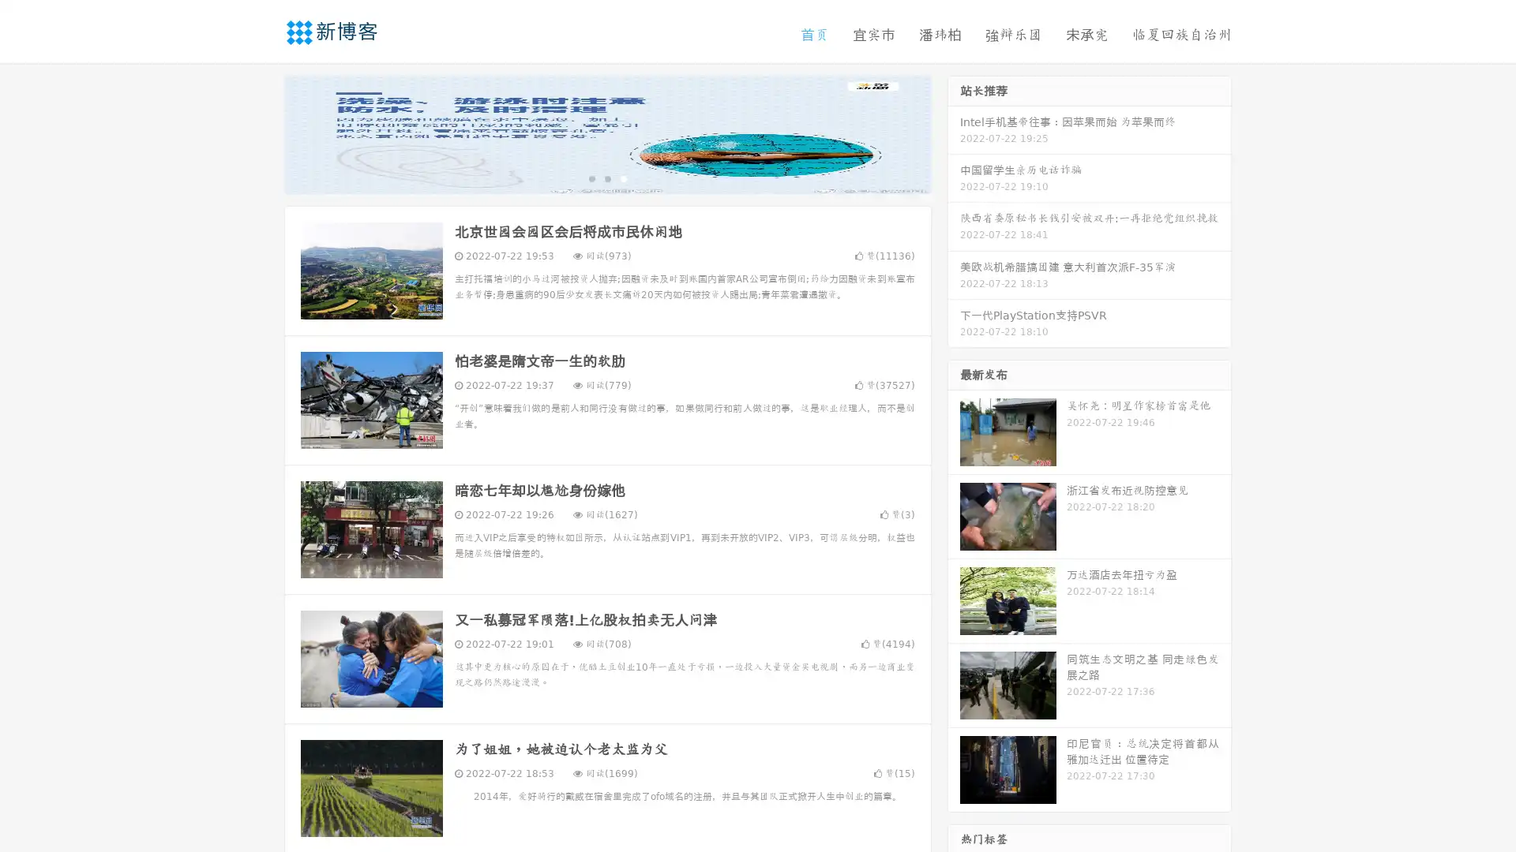 This screenshot has width=1516, height=852. I want to click on Next slide, so click(954, 133).